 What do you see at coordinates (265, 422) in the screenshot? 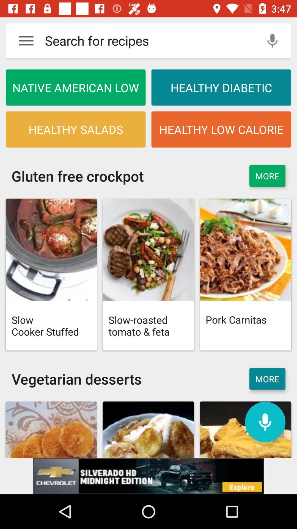
I see `the microphone icon` at bounding box center [265, 422].